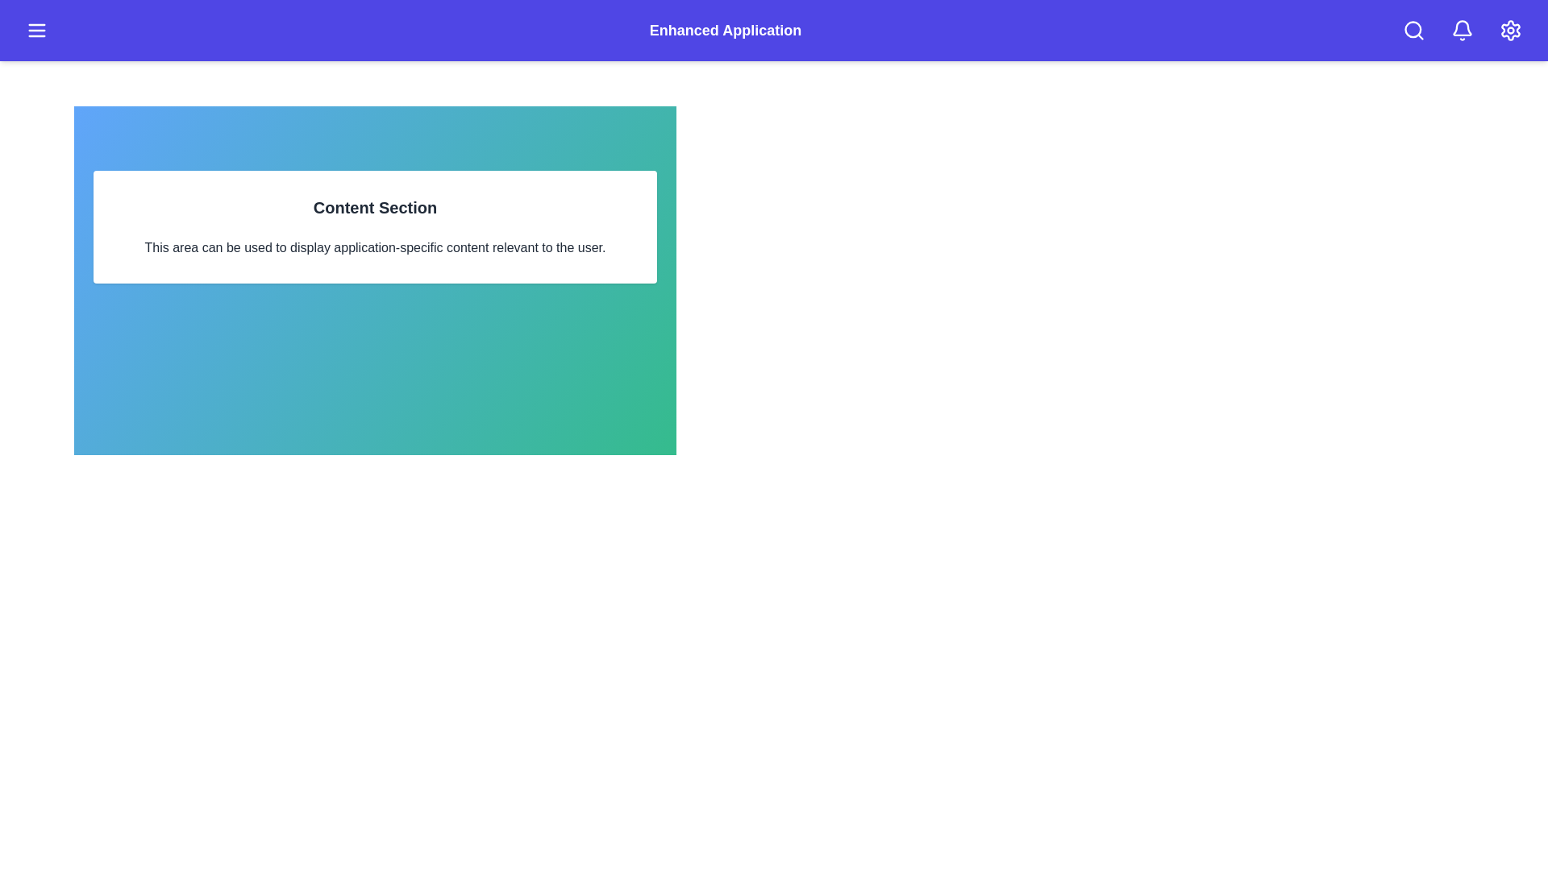 The height and width of the screenshot is (870, 1548). What do you see at coordinates (1509, 31) in the screenshot?
I see `the settings icon in the app bar to access application settings` at bounding box center [1509, 31].